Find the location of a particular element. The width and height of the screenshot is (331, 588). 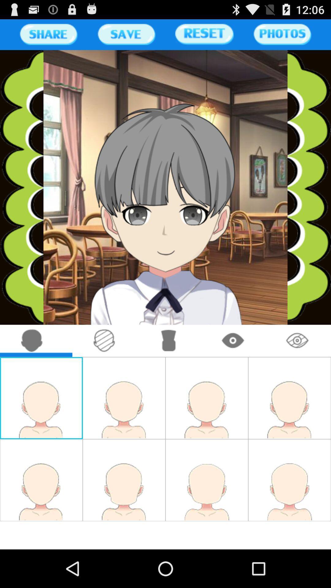

draw eyes is located at coordinates (233, 341).